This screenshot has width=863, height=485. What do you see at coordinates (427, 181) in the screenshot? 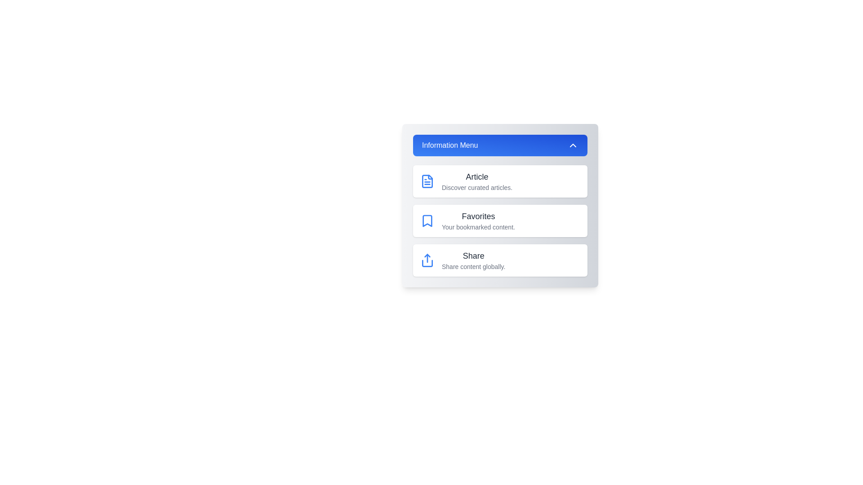
I see `the menu item corresponding to Article by clicking on its icon` at bounding box center [427, 181].